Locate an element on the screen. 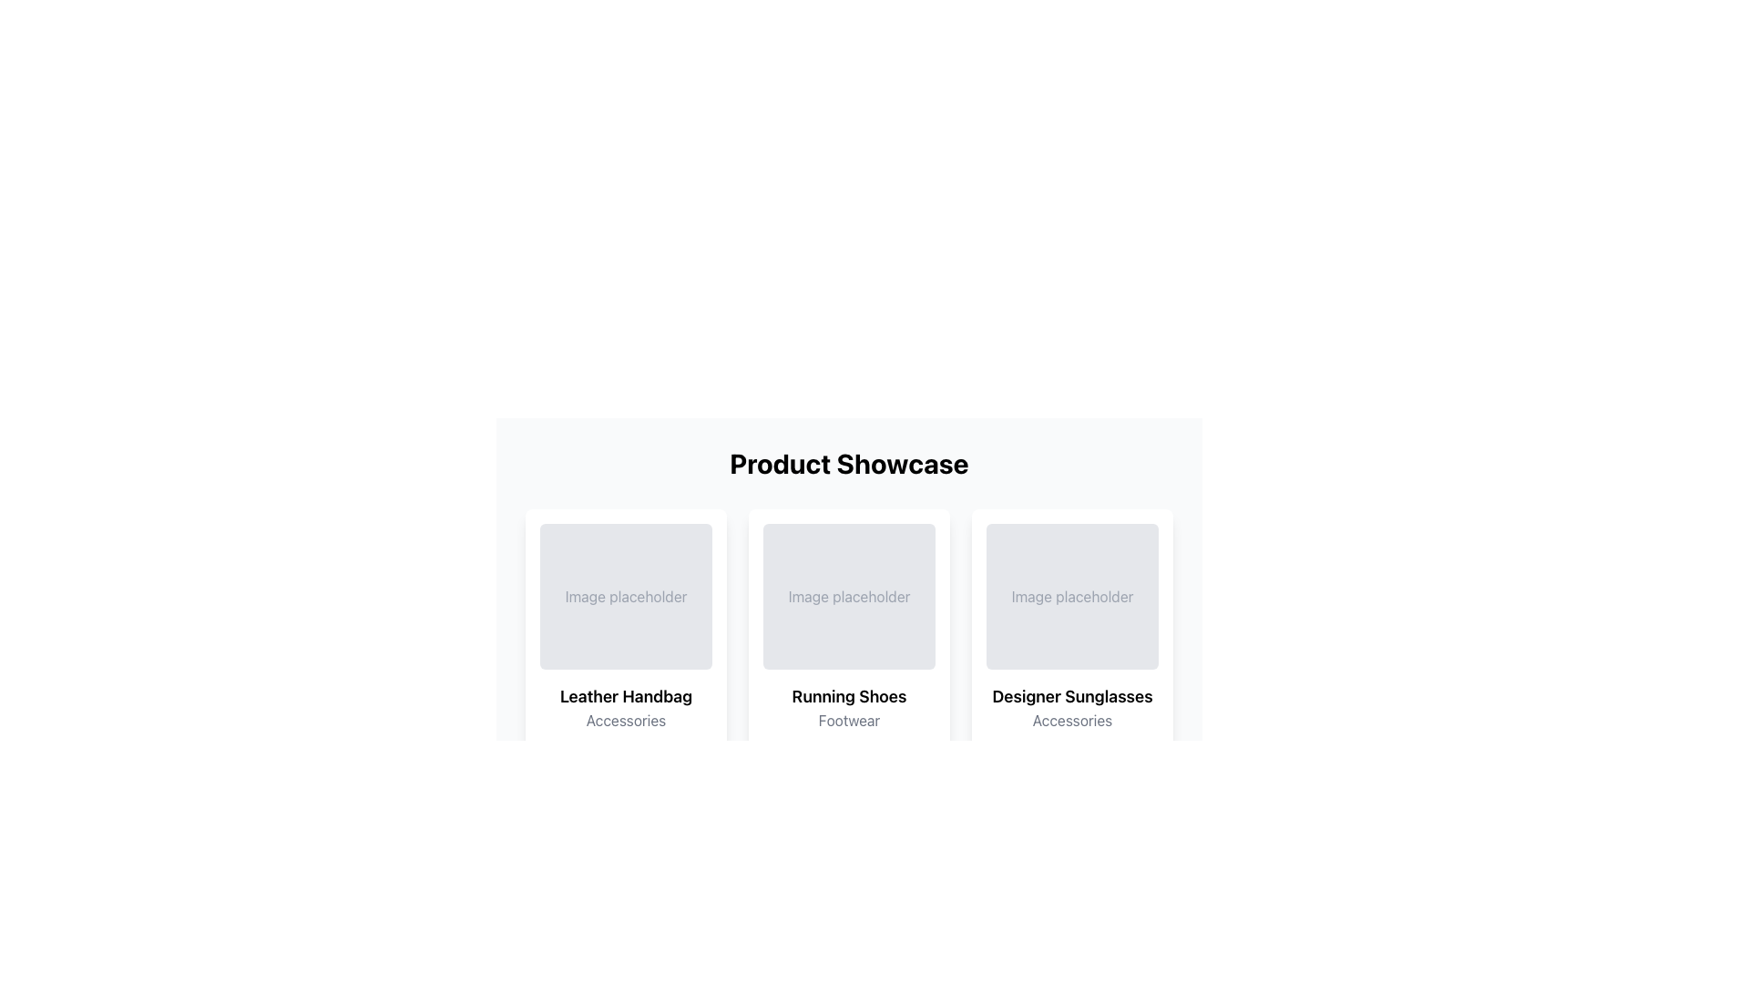  text of the label displaying 'Image placeholder', which is centered within the leftmost card in the 'Product Showcase' section is located at coordinates (626, 597).